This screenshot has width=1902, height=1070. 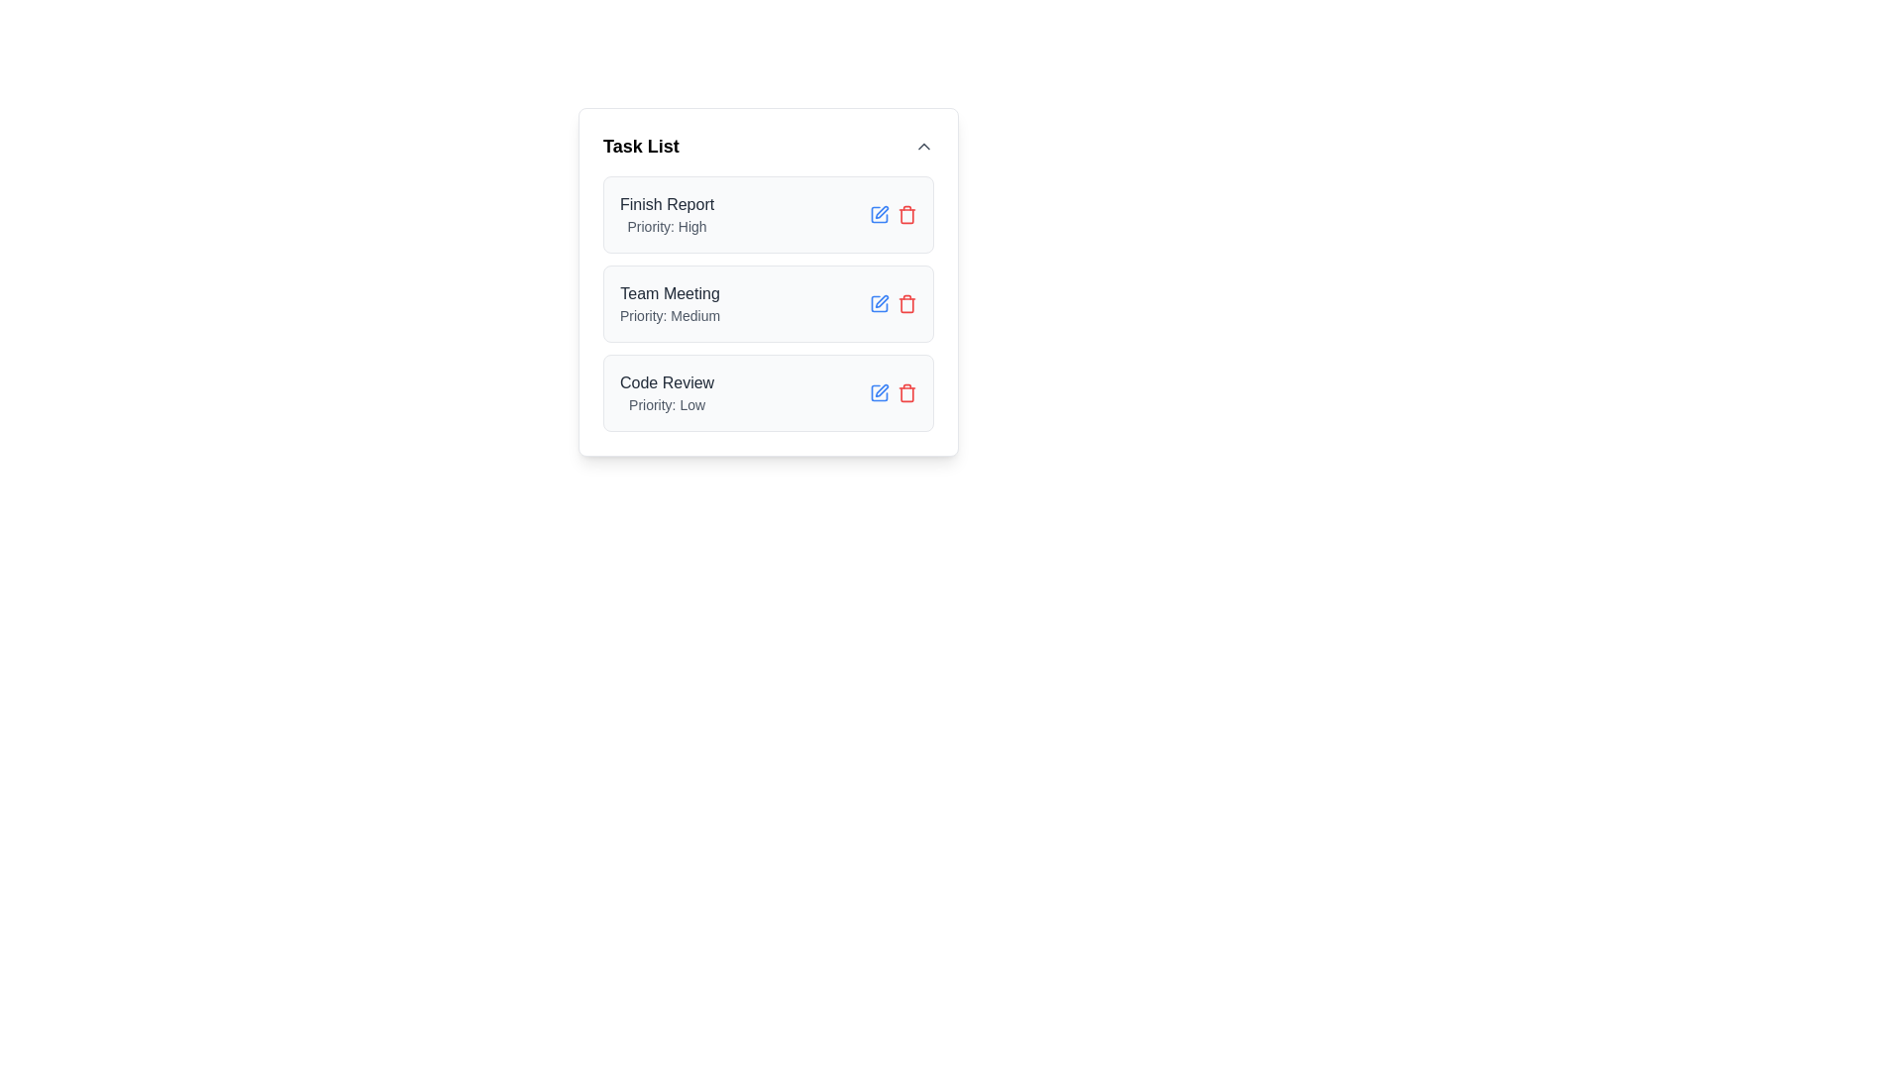 I want to click on the delete icon button located on the right side of the first task entry in the task list, so click(x=906, y=214).